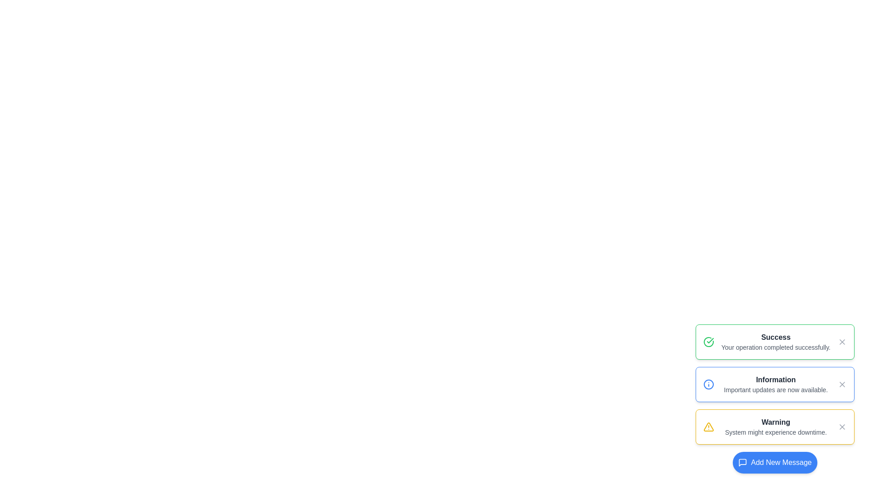 The image size is (869, 488). Describe the element at coordinates (842, 427) in the screenshot. I see `the close button located in the top-right corner of the warning notification card to enhance accessibility` at that location.